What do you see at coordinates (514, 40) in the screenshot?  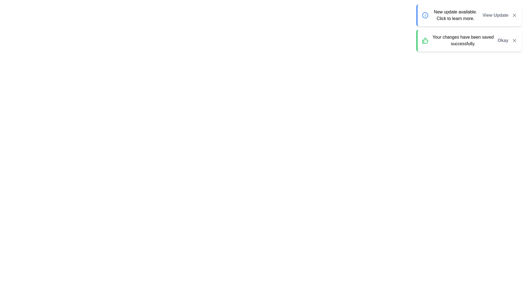 I see `the 'X' button located at the far-right of the notification panel to observe hover effects` at bounding box center [514, 40].